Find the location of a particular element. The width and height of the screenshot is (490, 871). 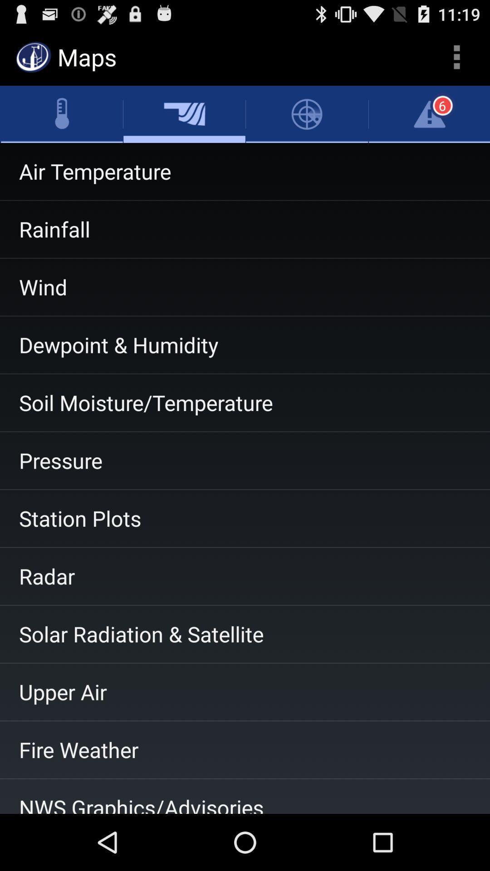

upper air app is located at coordinates (245, 691).